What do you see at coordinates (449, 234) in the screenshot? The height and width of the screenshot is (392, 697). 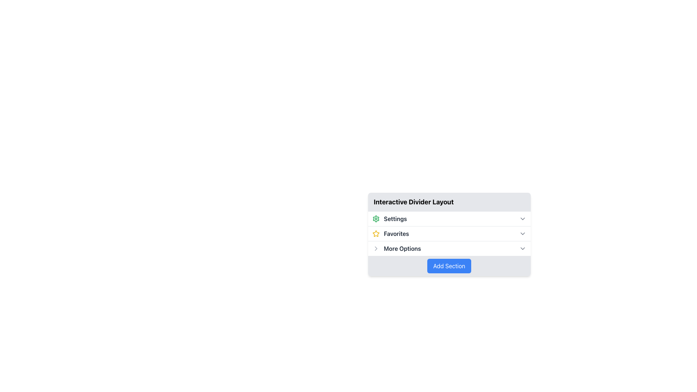 I see `the second item in the dropdown menu that leads to the 'Favorites' section` at bounding box center [449, 234].